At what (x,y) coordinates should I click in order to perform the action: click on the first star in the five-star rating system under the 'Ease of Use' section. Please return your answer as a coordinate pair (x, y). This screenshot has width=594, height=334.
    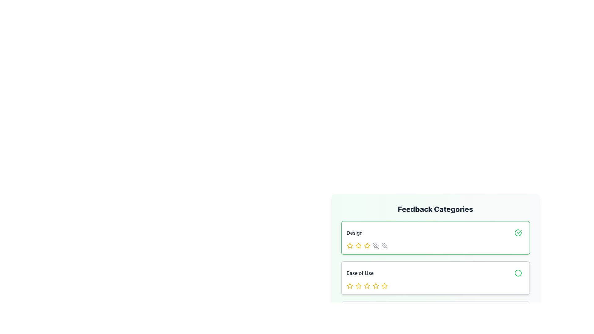
    Looking at the image, I should click on (350, 286).